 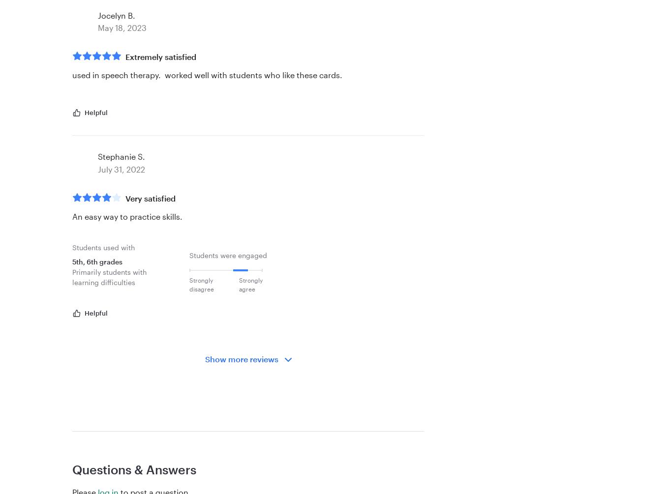 What do you see at coordinates (121, 169) in the screenshot?
I see `'July 31, 2022'` at bounding box center [121, 169].